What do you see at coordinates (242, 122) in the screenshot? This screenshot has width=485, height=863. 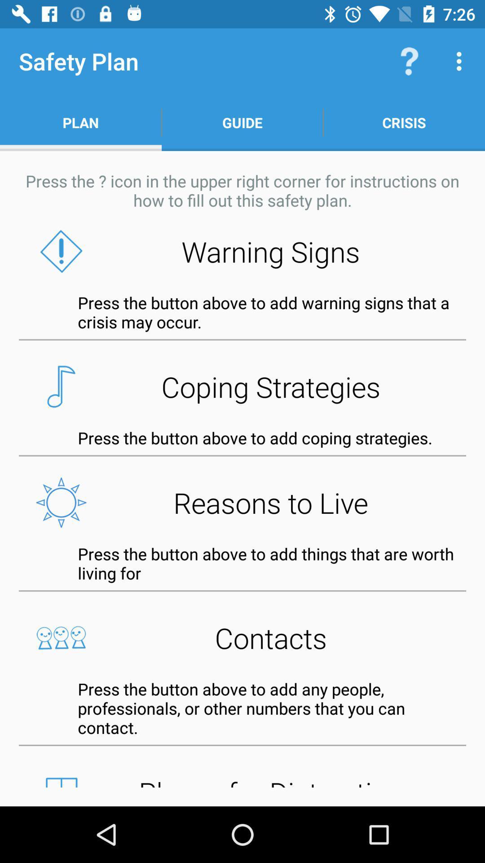 I see `the app next to the plan item` at bounding box center [242, 122].